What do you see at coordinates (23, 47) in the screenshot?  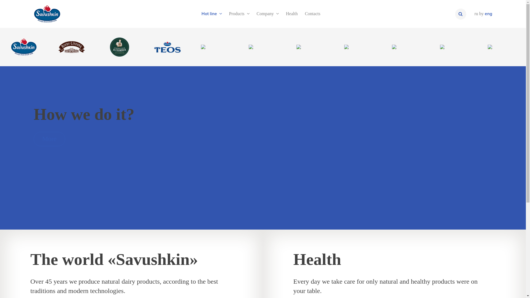 I see `'Savushkin'` at bounding box center [23, 47].